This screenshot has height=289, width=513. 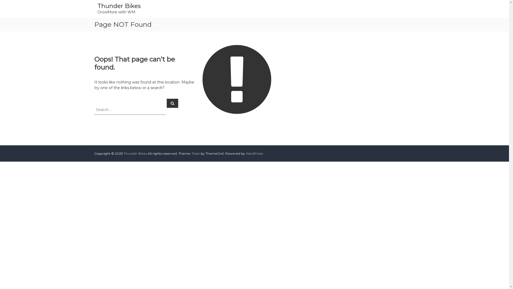 What do you see at coordinates (246, 153) in the screenshot?
I see `'WordPress'` at bounding box center [246, 153].